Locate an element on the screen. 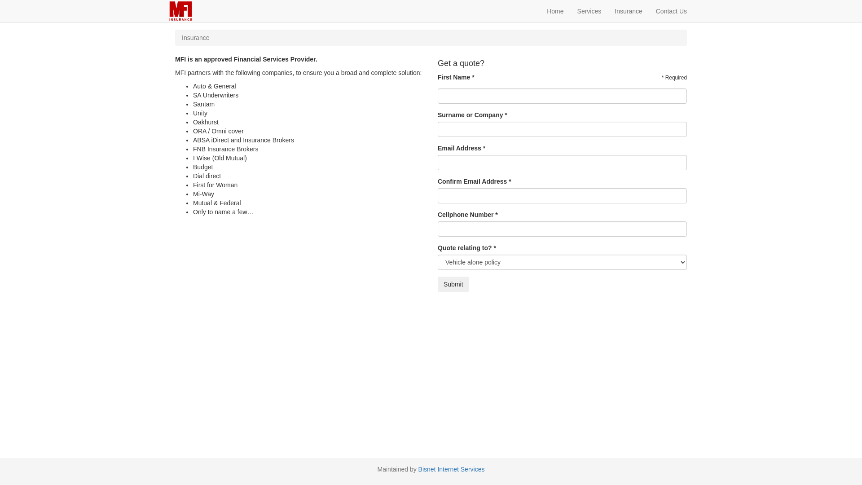  'Bisnet Internet Services' is located at coordinates (452, 469).